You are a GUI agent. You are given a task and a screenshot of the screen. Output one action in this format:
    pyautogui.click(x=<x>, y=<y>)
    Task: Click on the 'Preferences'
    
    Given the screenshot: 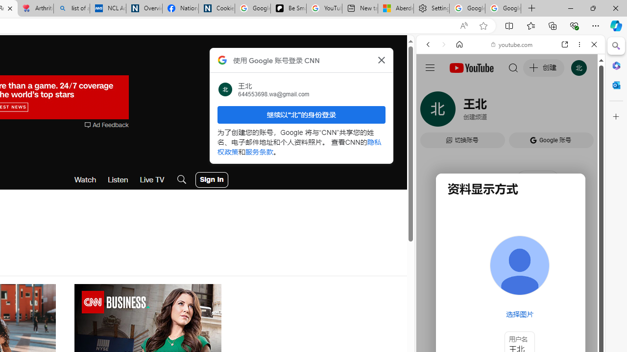 What is the action you would take?
    pyautogui.click(x=582, y=111)
    